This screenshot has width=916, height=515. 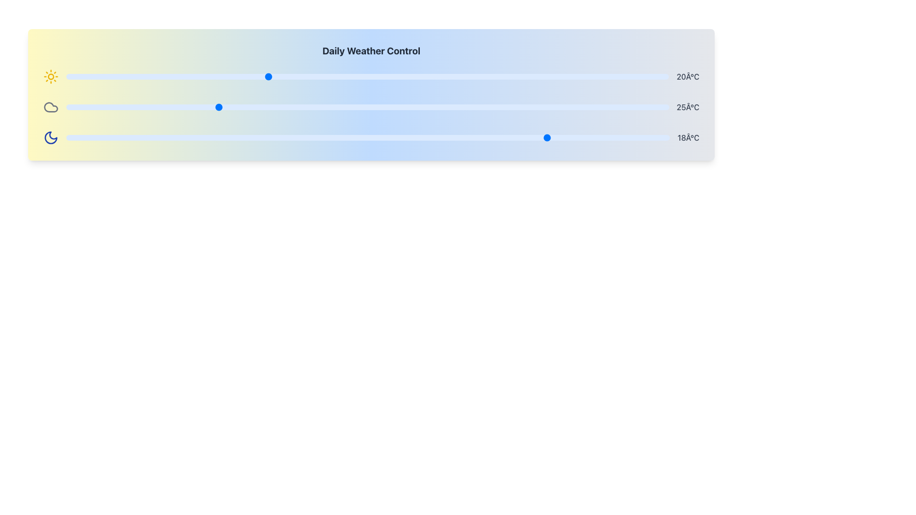 What do you see at coordinates (468, 76) in the screenshot?
I see `the morning temperature` at bounding box center [468, 76].